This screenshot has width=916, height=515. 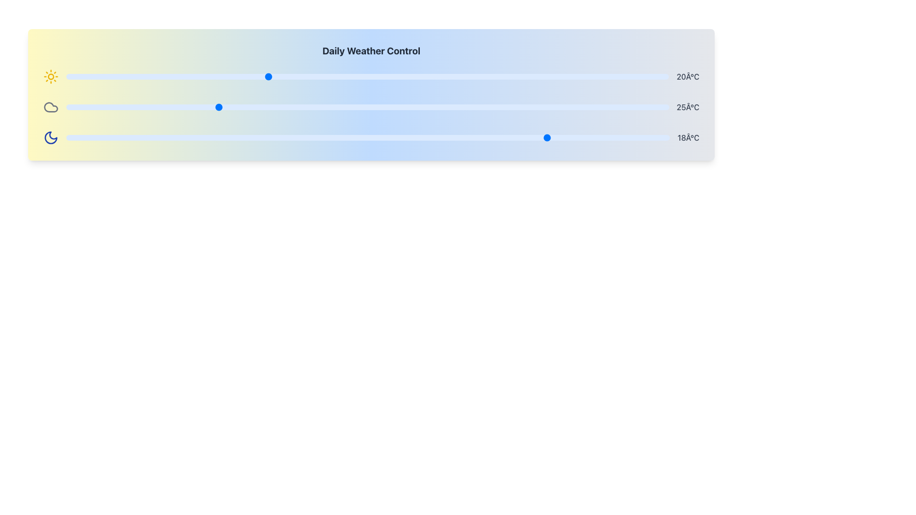 What do you see at coordinates (468, 76) in the screenshot?
I see `the morning temperature` at bounding box center [468, 76].